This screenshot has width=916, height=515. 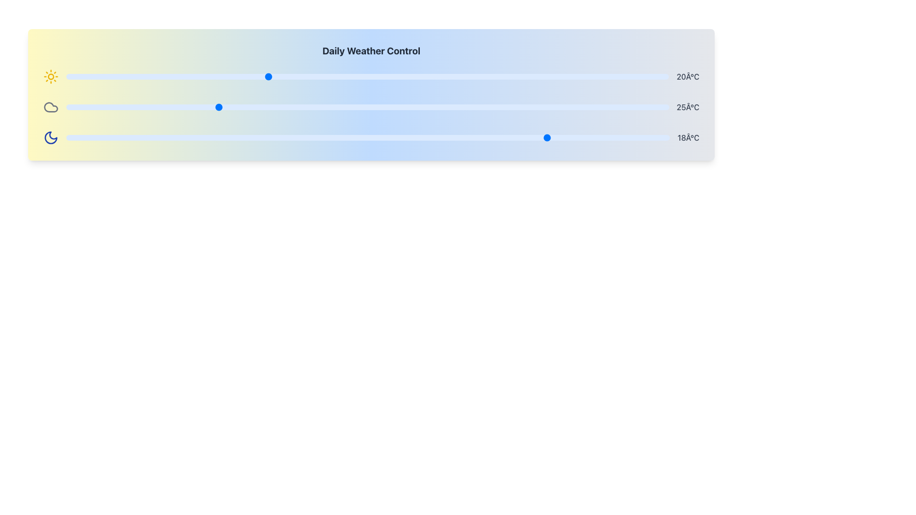 What do you see at coordinates (468, 76) in the screenshot?
I see `the morning temperature` at bounding box center [468, 76].